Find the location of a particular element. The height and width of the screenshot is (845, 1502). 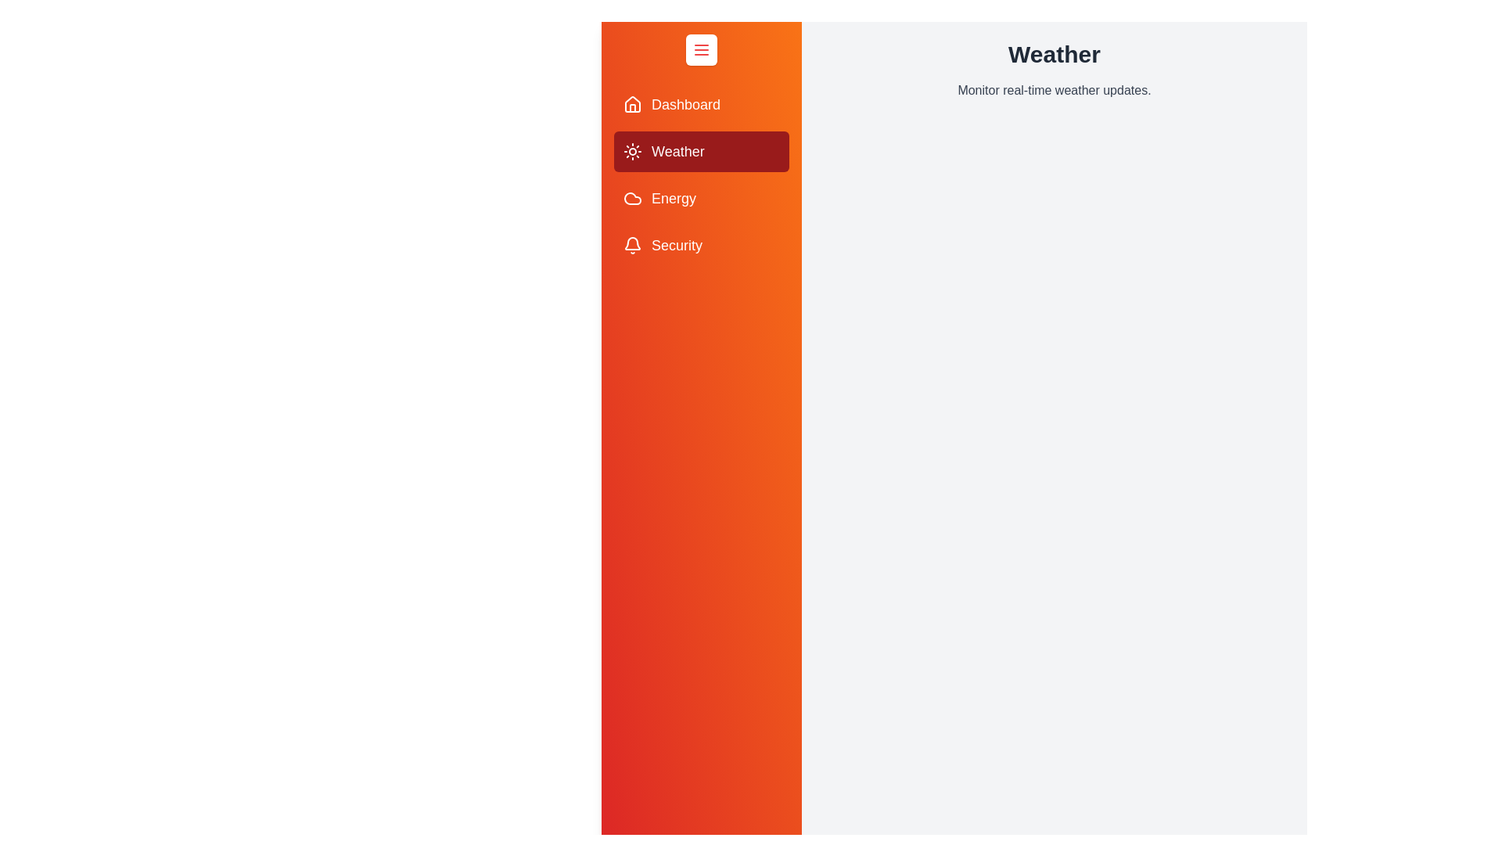

the menu item labeled 'Dashboard' to observe its hover effect is located at coordinates (701, 105).